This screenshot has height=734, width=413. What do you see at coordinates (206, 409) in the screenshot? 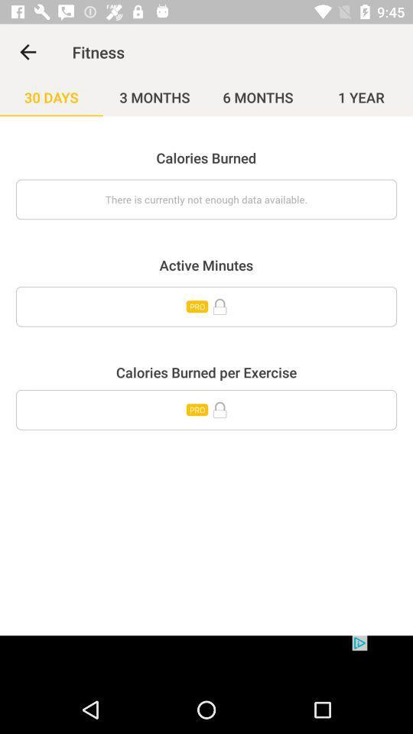
I see `icon below the calories burned per item` at bounding box center [206, 409].